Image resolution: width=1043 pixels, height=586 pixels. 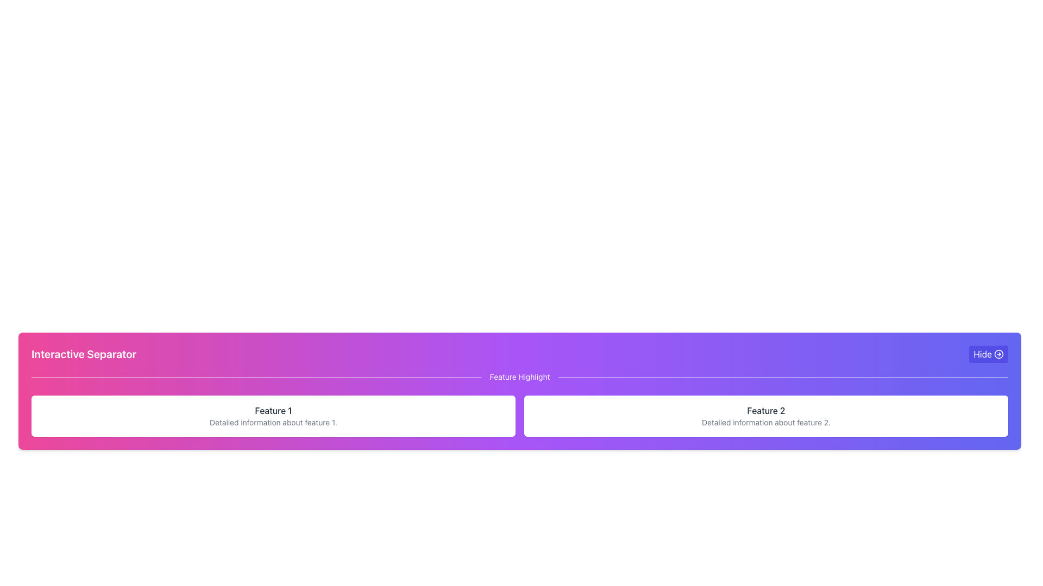 What do you see at coordinates (273, 410) in the screenshot?
I see `text label 'Feature 1' which is styled in medium font weight and gray coloring, located at the top-central region of the feature highlight card` at bounding box center [273, 410].